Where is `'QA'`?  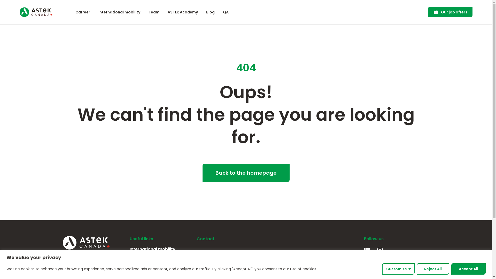
'QA' is located at coordinates (226, 12).